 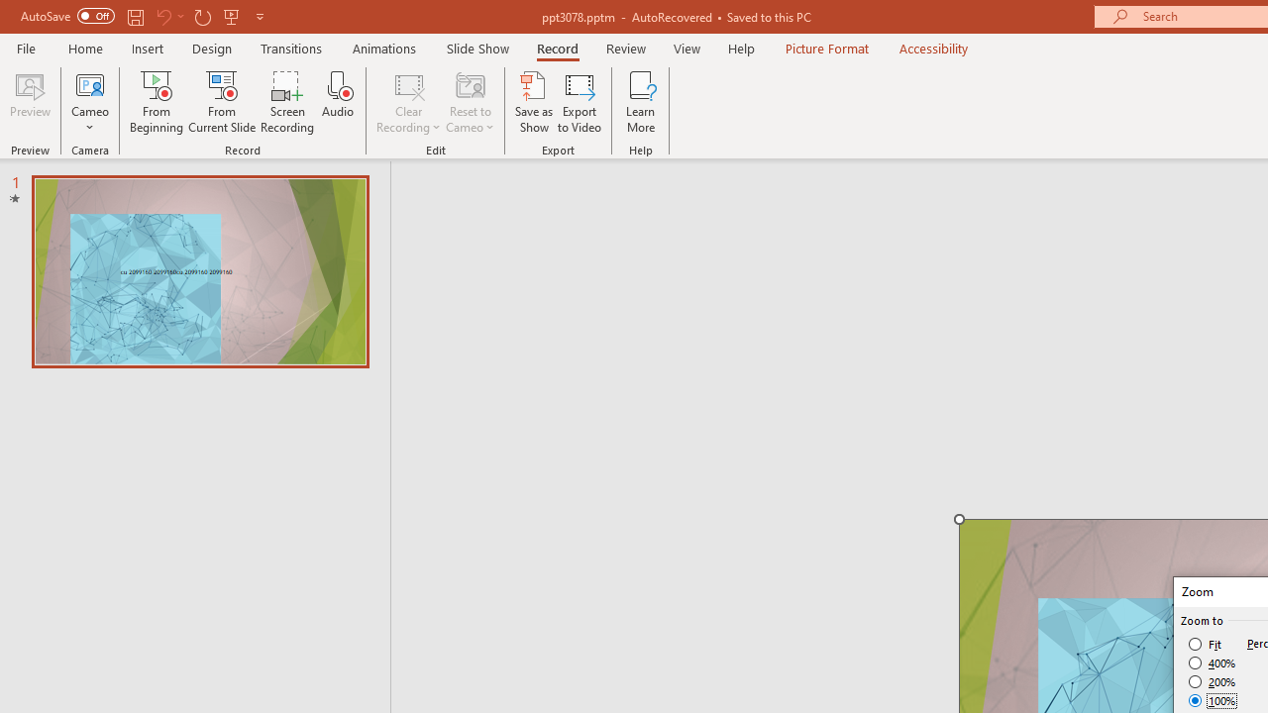 I want to click on '400%', so click(x=1212, y=662).